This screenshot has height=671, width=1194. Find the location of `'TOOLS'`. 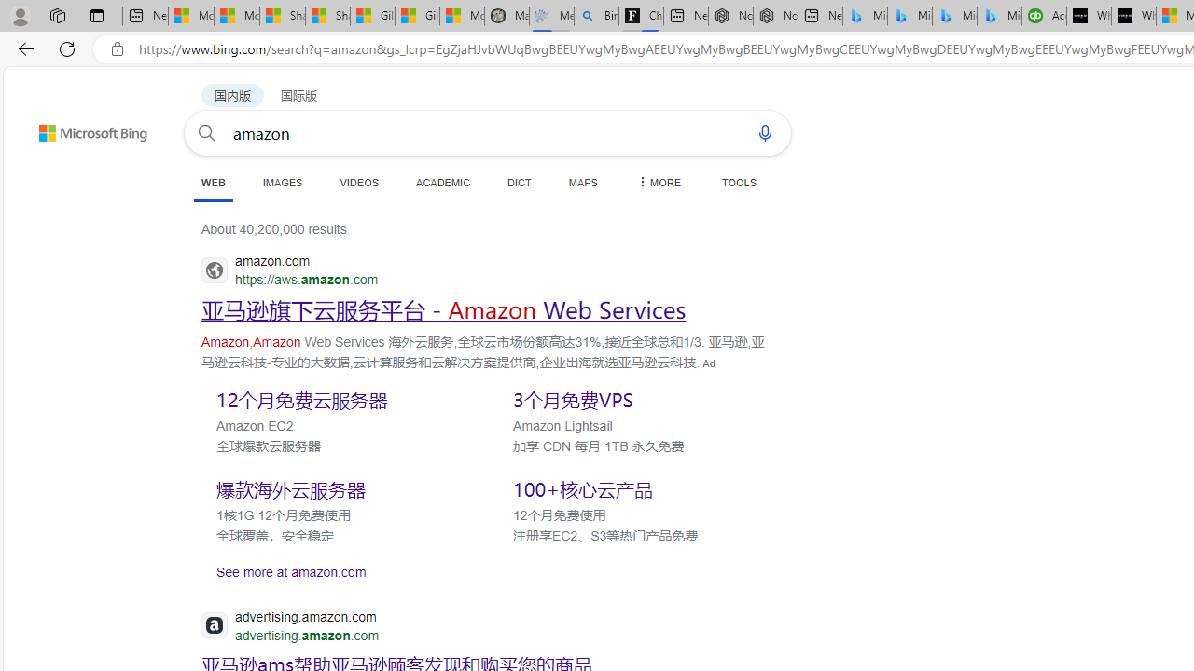

'TOOLS' is located at coordinates (738, 182).